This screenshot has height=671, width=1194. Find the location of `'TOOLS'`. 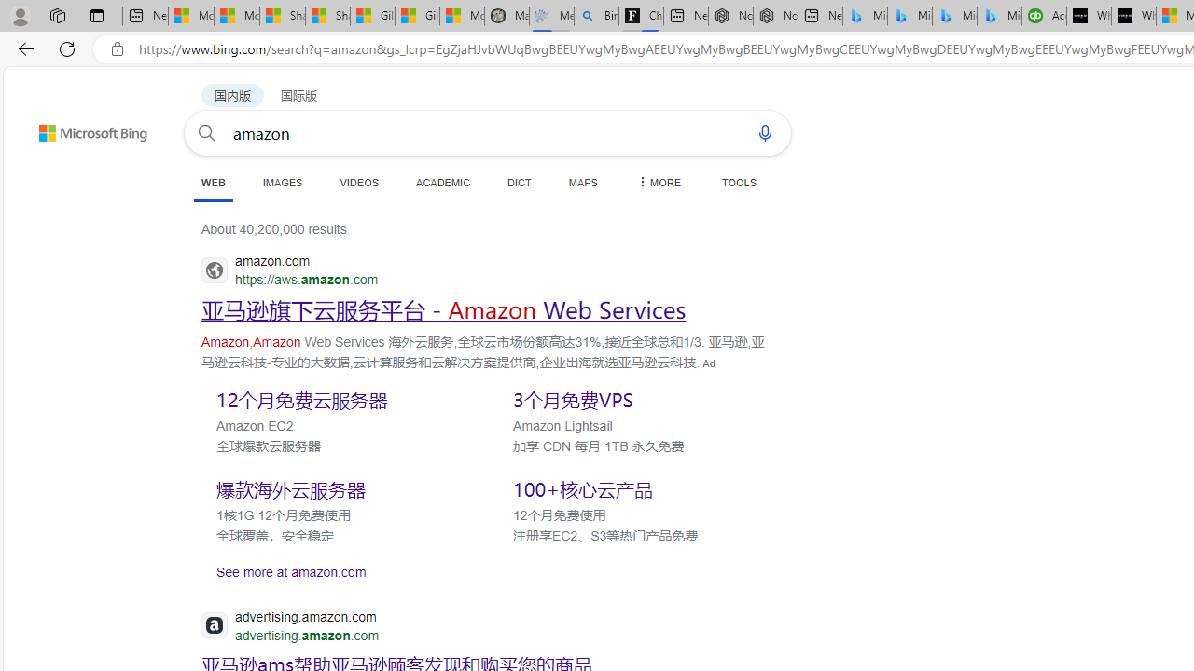

'TOOLS' is located at coordinates (738, 182).